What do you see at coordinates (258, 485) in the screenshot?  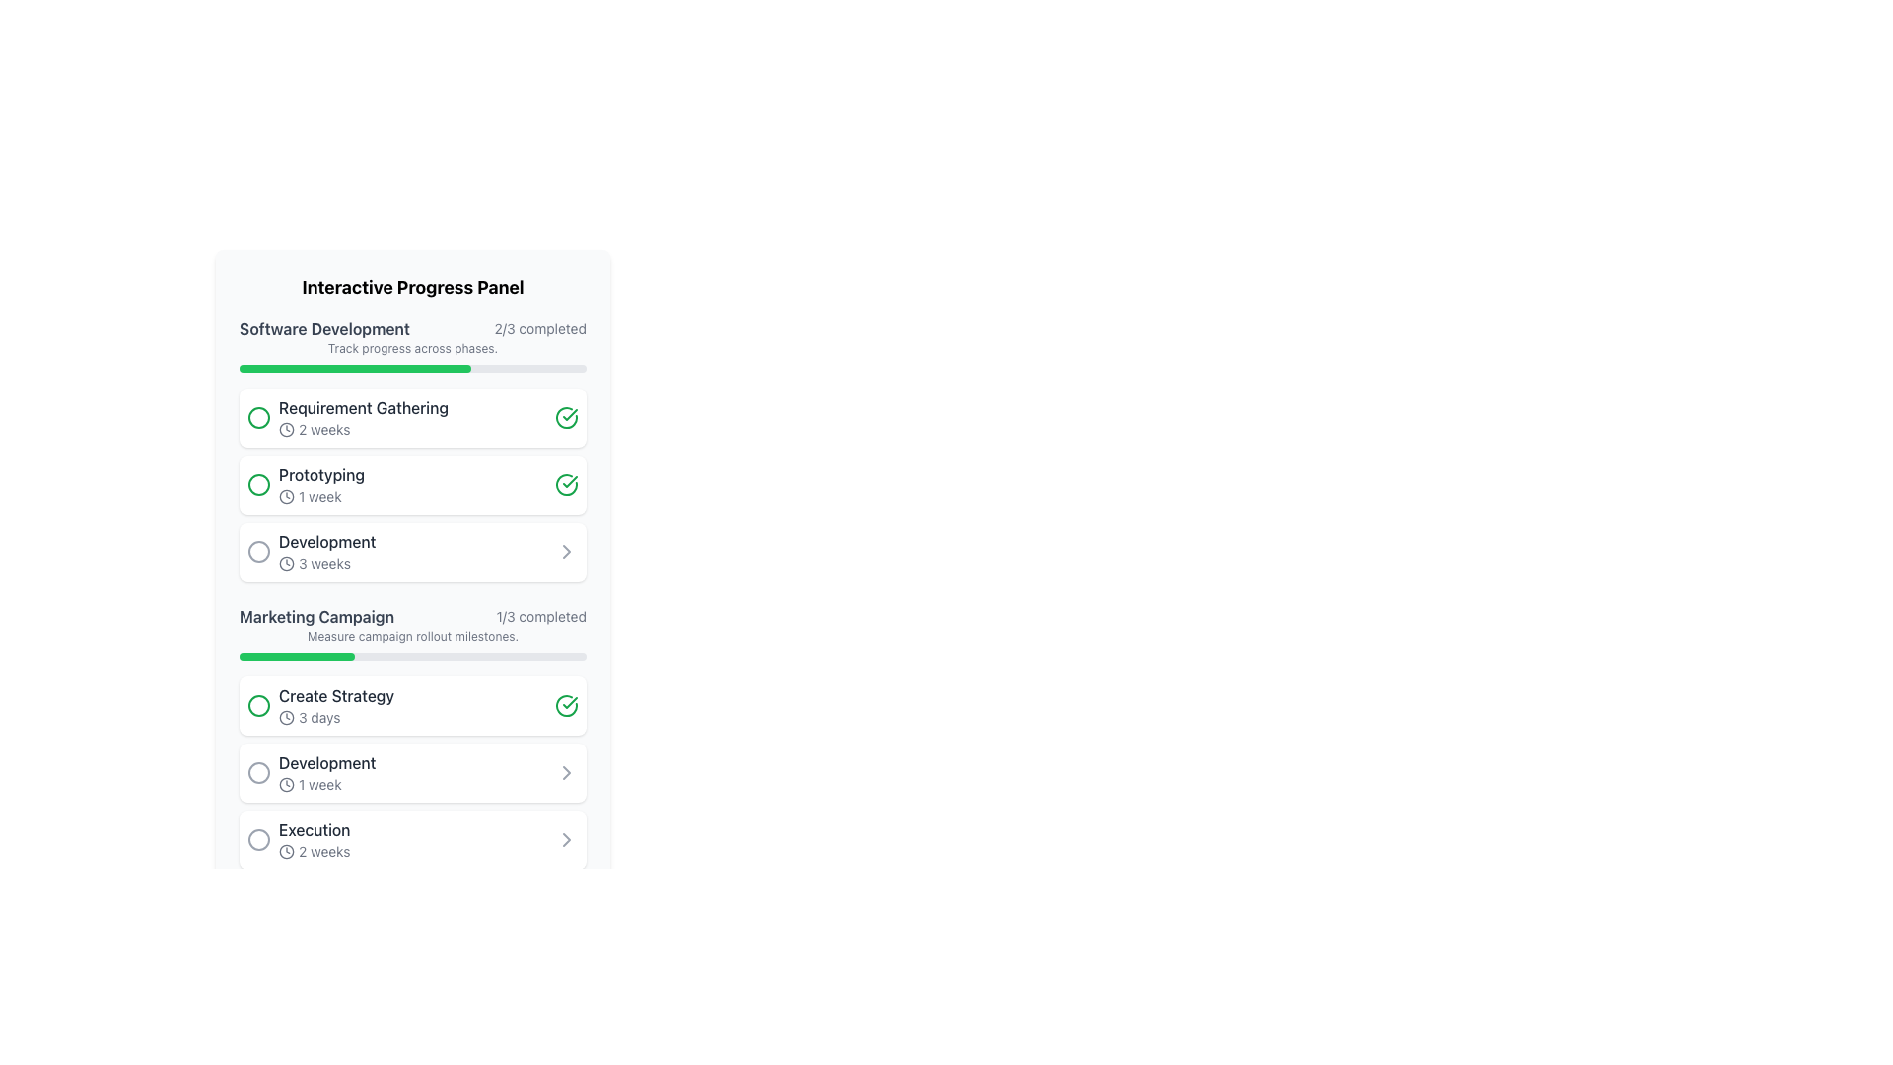 I see `the circular outlined icon with a green stroke located at the beginning of the line item labeled 'Prototyping'` at bounding box center [258, 485].